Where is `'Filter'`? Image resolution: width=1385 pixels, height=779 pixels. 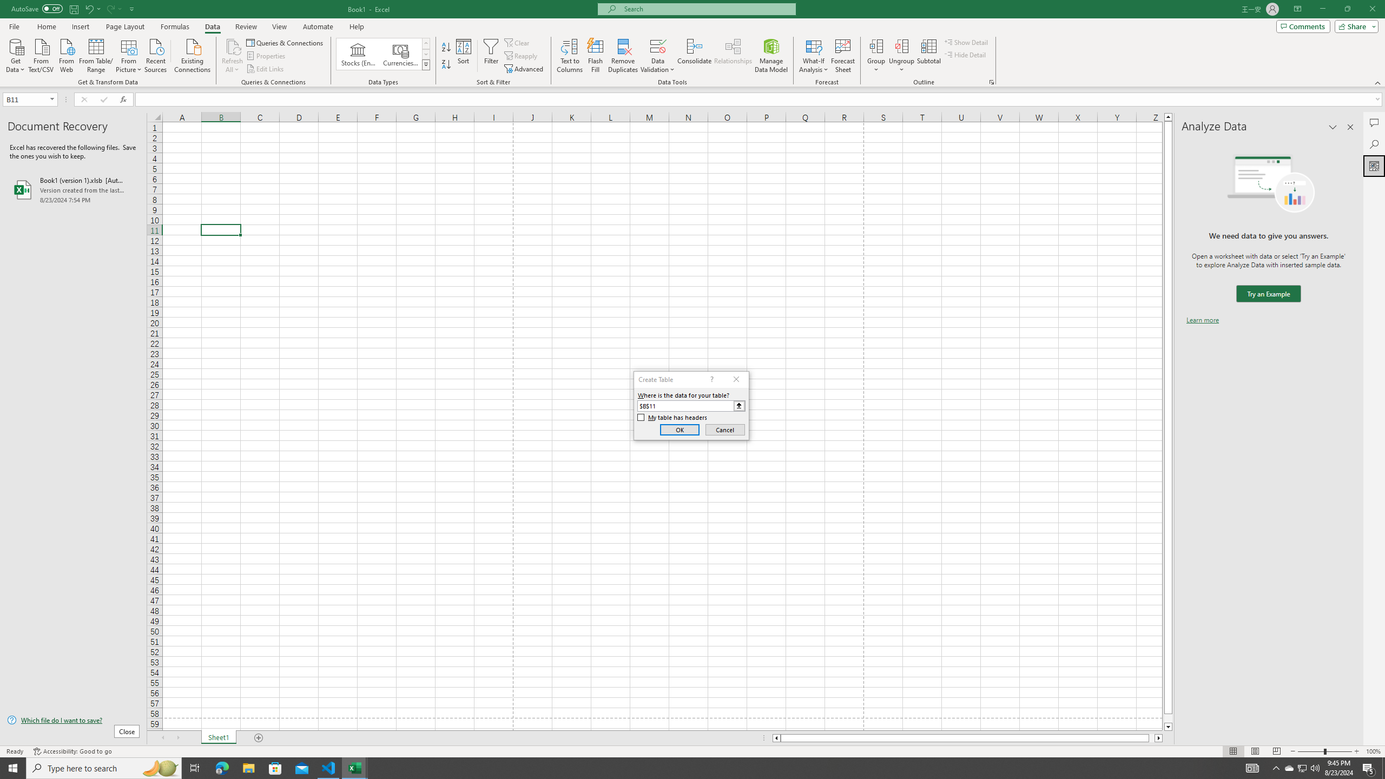
'Filter' is located at coordinates (490, 56).